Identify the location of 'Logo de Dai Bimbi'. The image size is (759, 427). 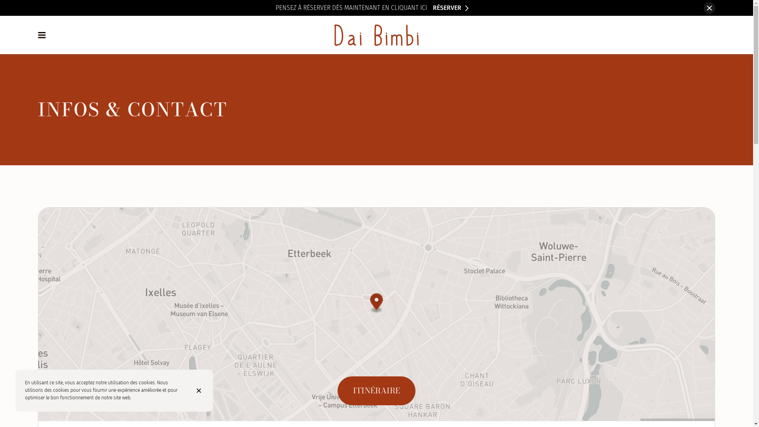
(376, 34).